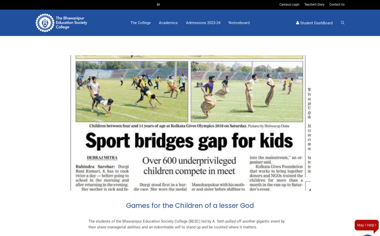  Describe the element at coordinates (186, 224) in the screenshot. I see `'The students of the Bhawanipur Education Society College (BESC) led by A. Seth pulled off another gigantic event by their sheer managerial abilities and an indomitable will to stand up and be counted where it matters.'` at that location.